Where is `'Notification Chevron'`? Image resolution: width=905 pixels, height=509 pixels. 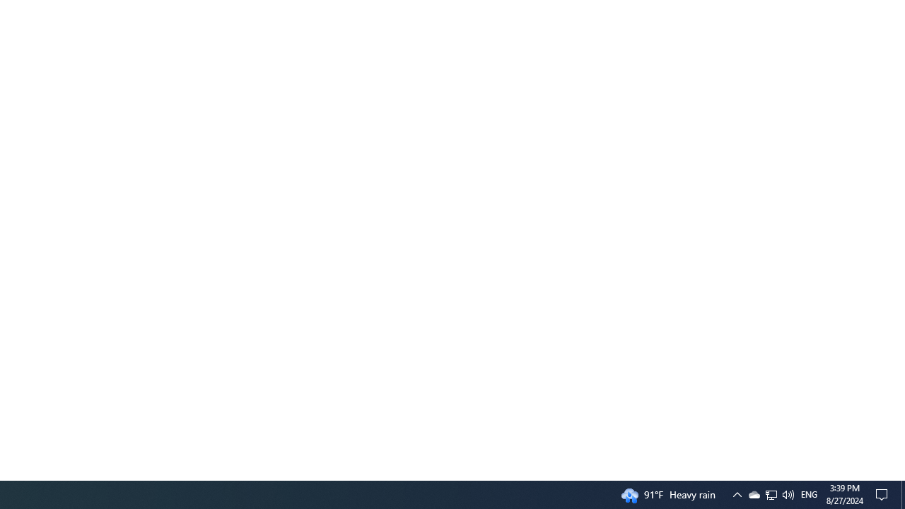
'Notification Chevron' is located at coordinates (770, 493).